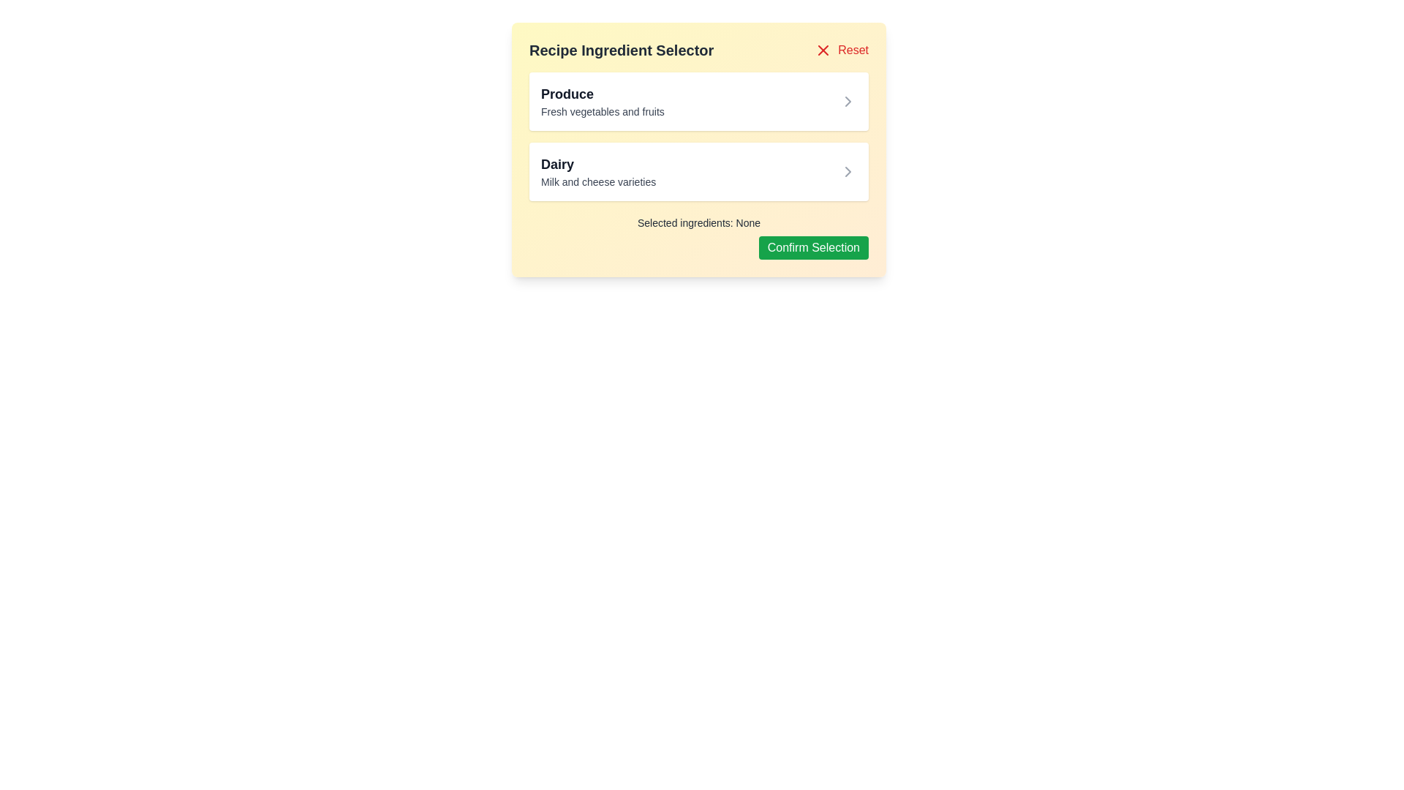  Describe the element at coordinates (812, 247) in the screenshot. I see `the green rectangular button labeled 'Confirm Selection' located in the bottom-right corner of the 'Recipe Ingredient Selector' dialog to confirm the current selection` at that location.